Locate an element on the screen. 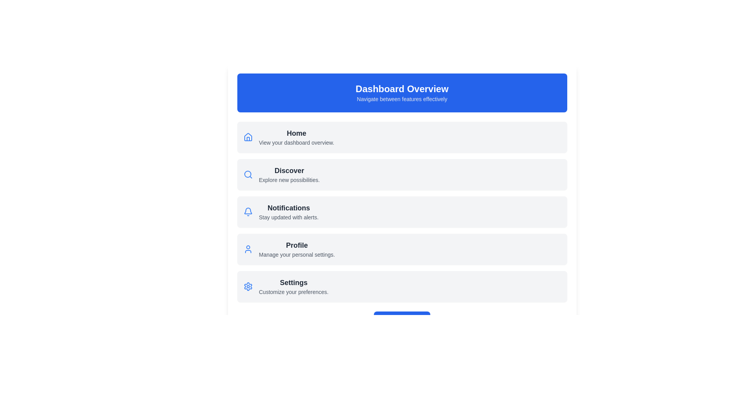 The image size is (747, 420). the decorative SVG icon representing user profile management, located above the 'Profile' text in the options panel is located at coordinates (247, 249).